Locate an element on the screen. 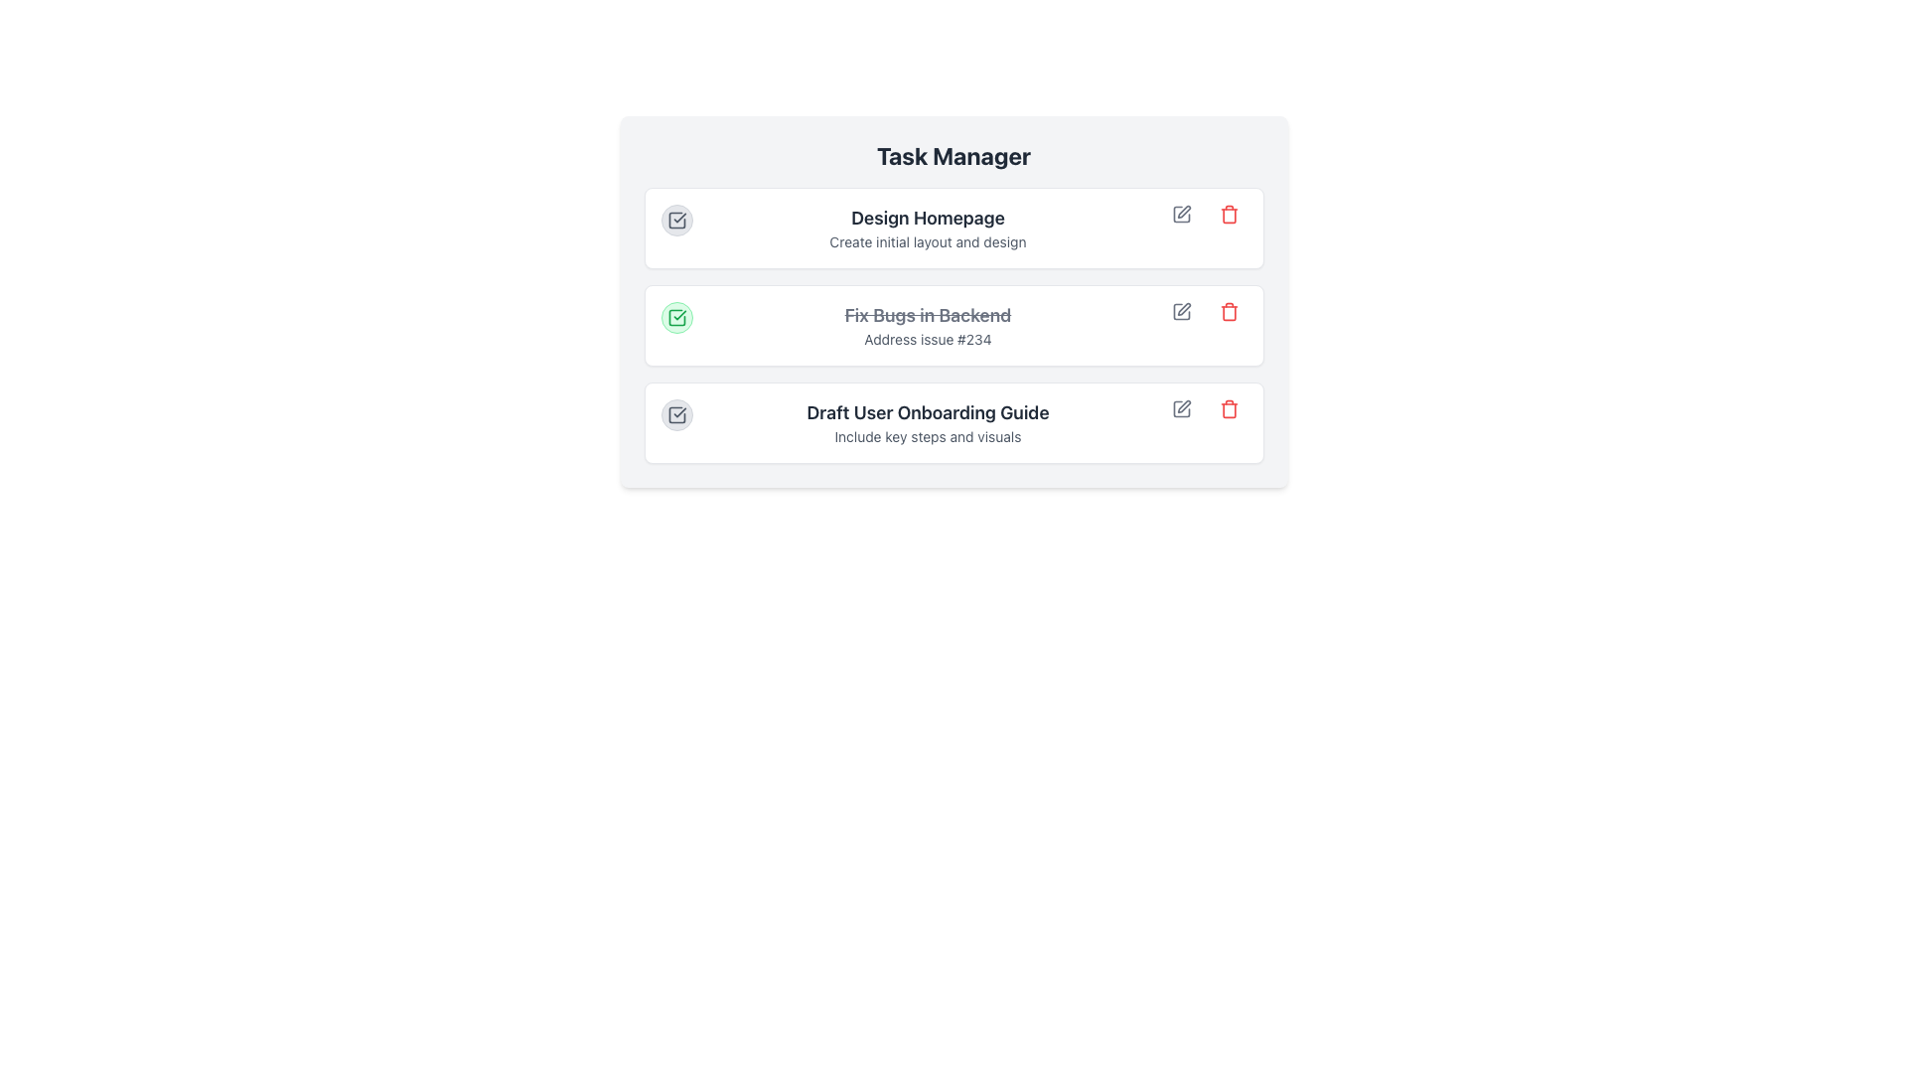  the Text label providing additional details for the task titled 'Design Homepage', located below the header text is located at coordinates (927, 240).